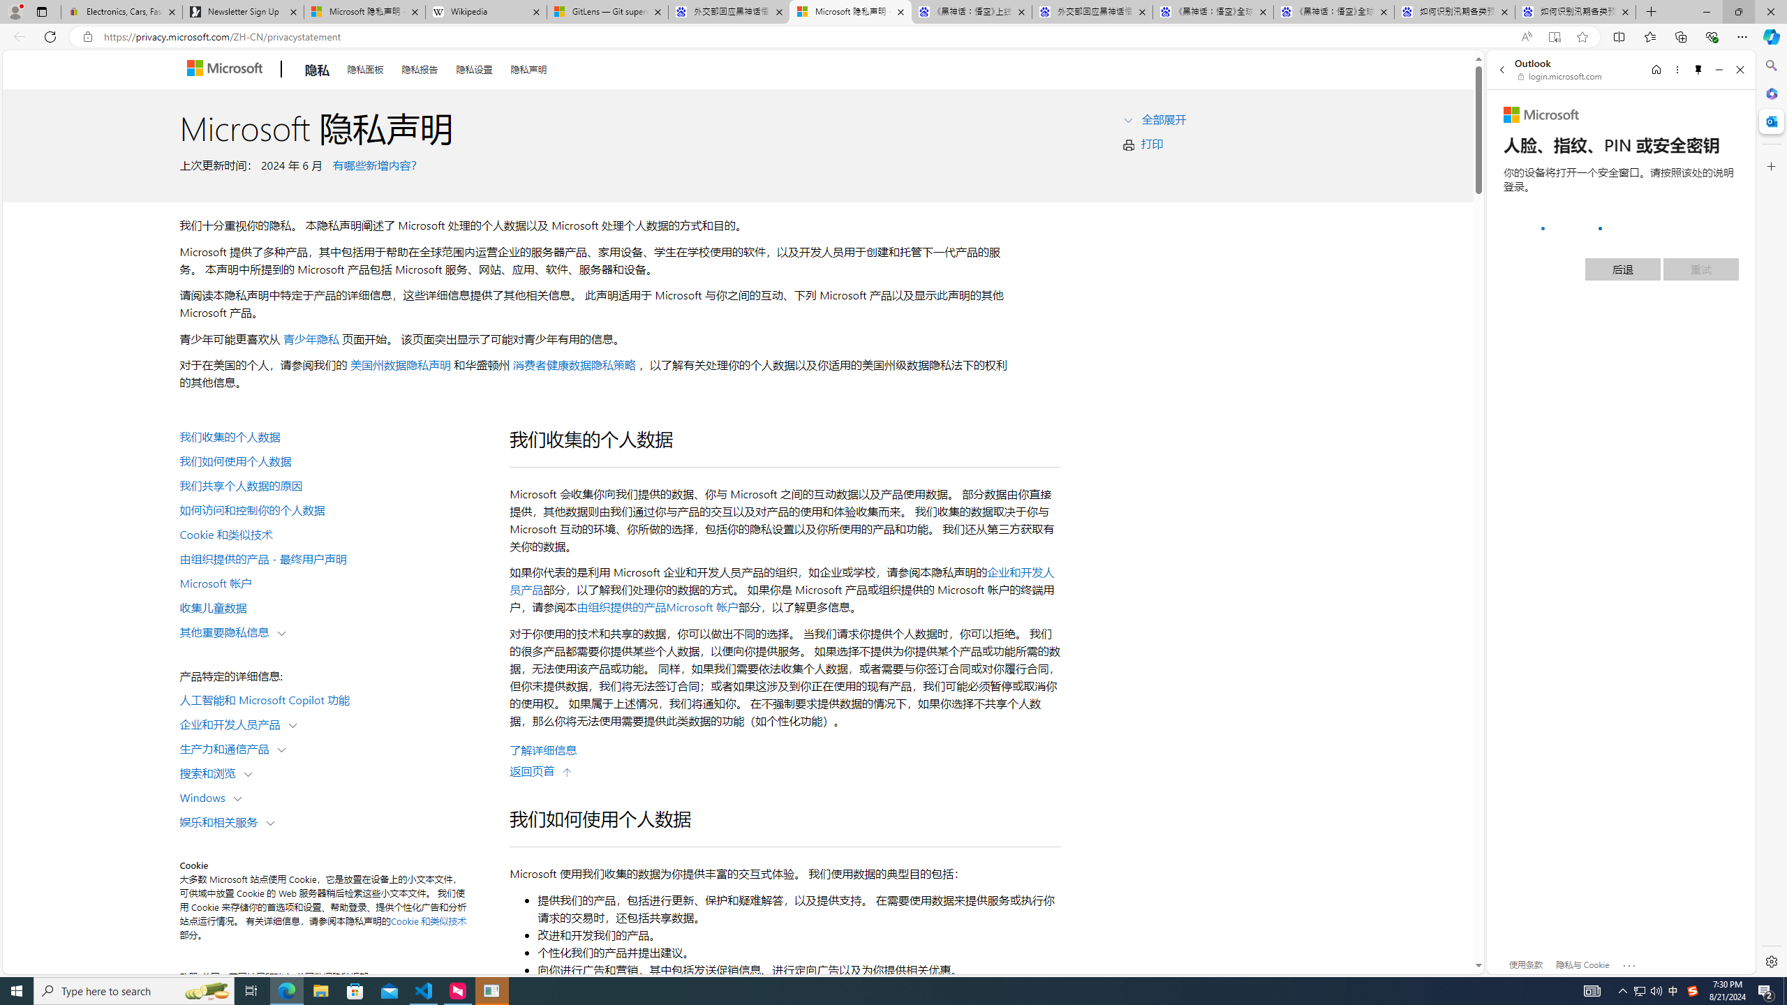 The image size is (1787, 1005). I want to click on 'Electronics, Cars, Fashion, Collectibles & More | eBay', so click(121, 11).